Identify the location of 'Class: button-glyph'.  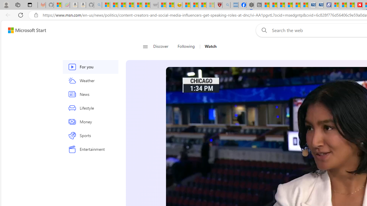
(145, 46).